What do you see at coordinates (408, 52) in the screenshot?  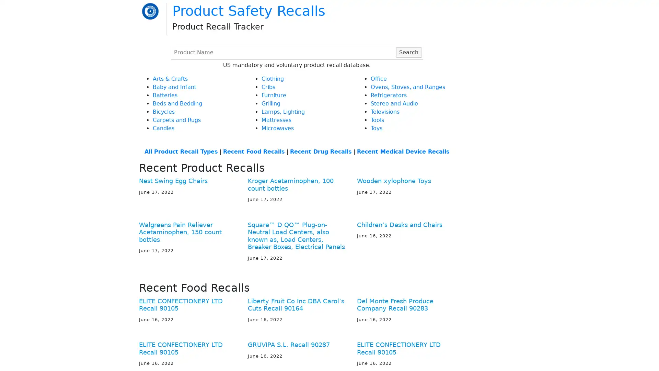 I see `Search` at bounding box center [408, 52].